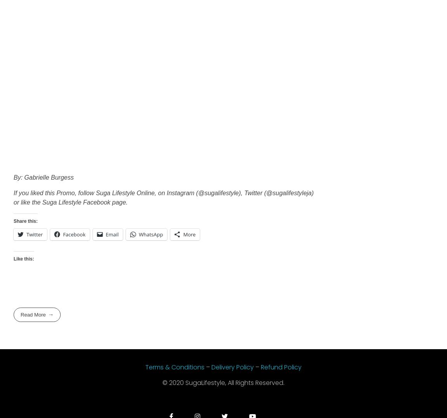  Describe the element at coordinates (211, 367) in the screenshot. I see `'Delivery Policy'` at that location.